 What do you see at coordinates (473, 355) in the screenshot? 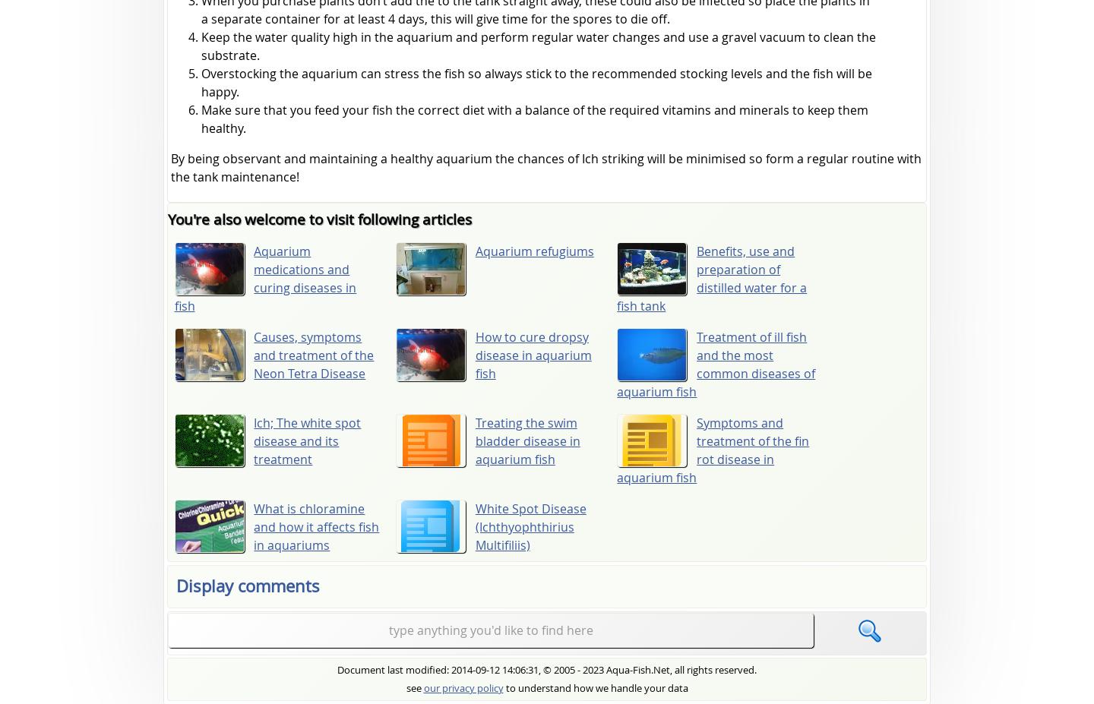
I see `'How to cure dropsy disease in aquarium fish'` at bounding box center [473, 355].